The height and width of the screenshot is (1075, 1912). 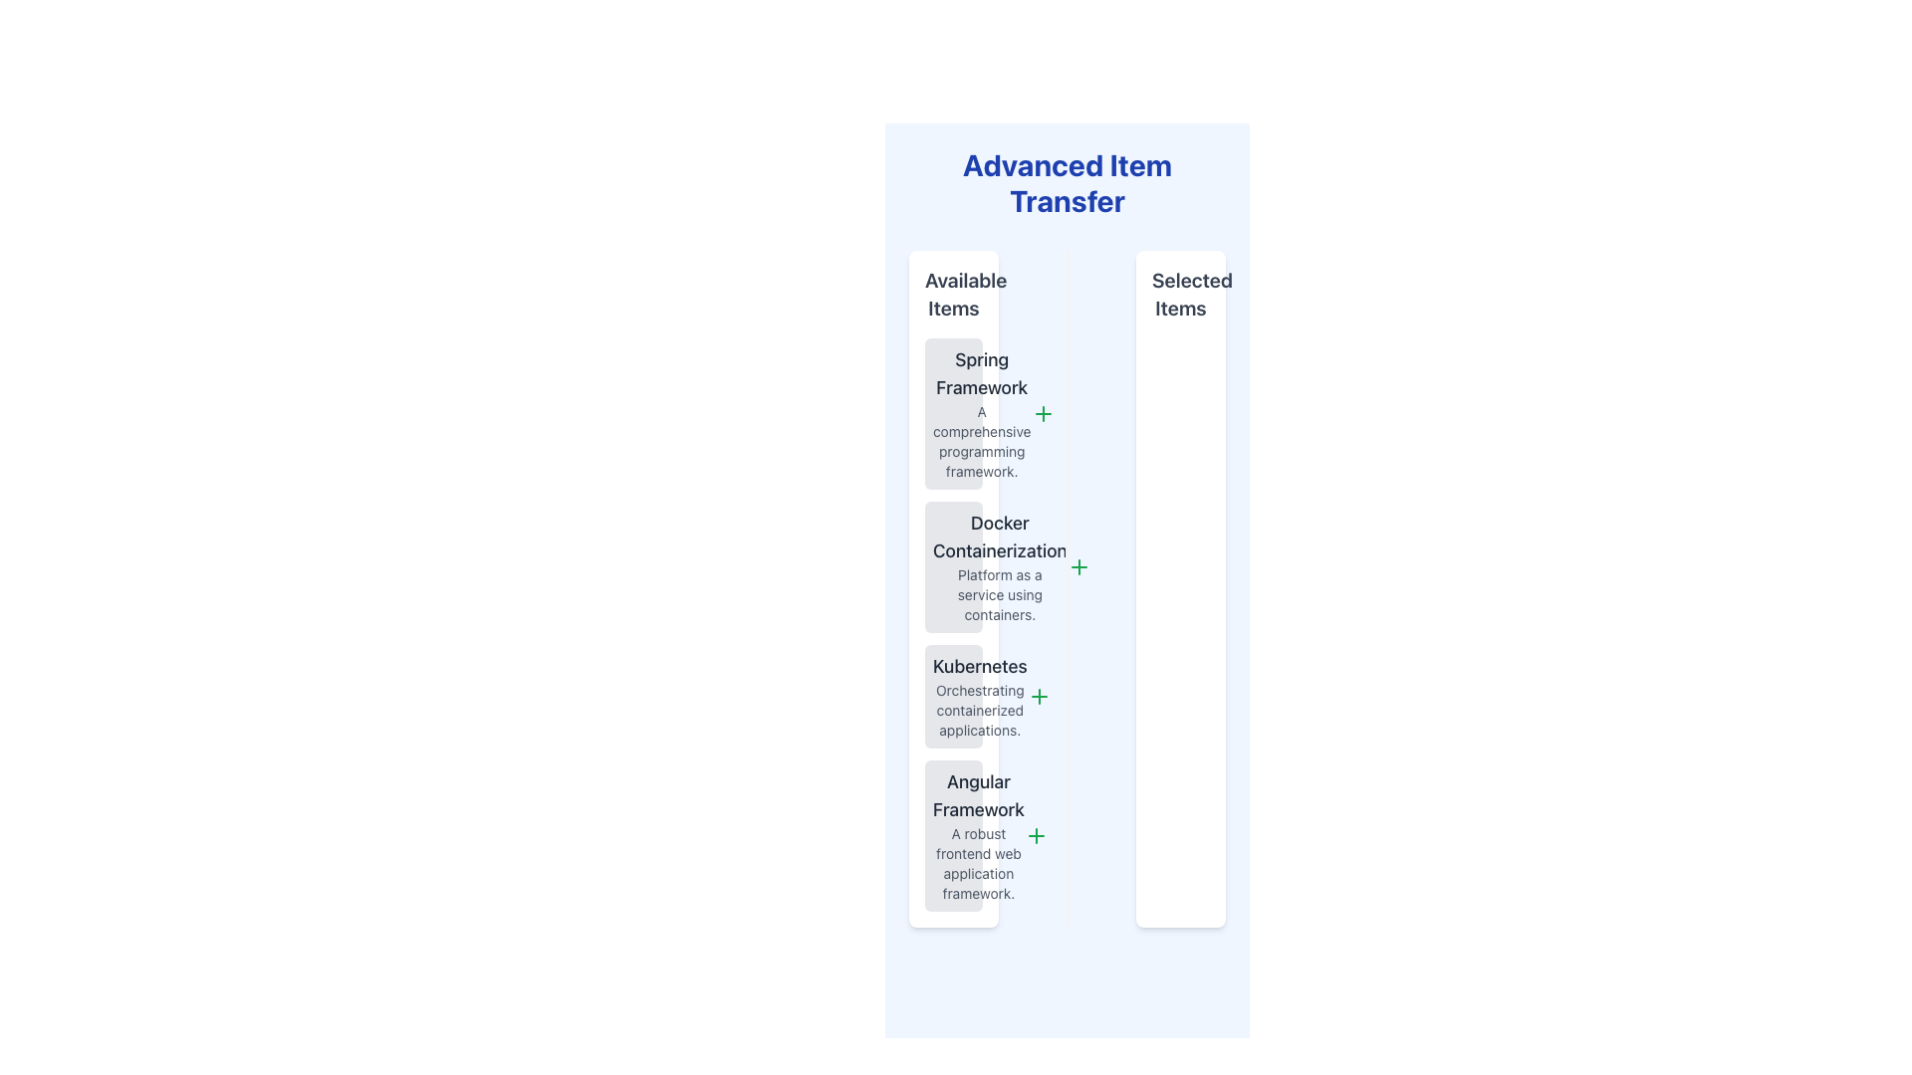 What do you see at coordinates (979, 794) in the screenshot?
I see `the text label displaying 'Angular Framework' in bold dark-gray text, located in the lower portion of the 'Available Items' column, between the titles 'Kubernetes' and the description 'A robust frontend web application framework.'` at bounding box center [979, 794].